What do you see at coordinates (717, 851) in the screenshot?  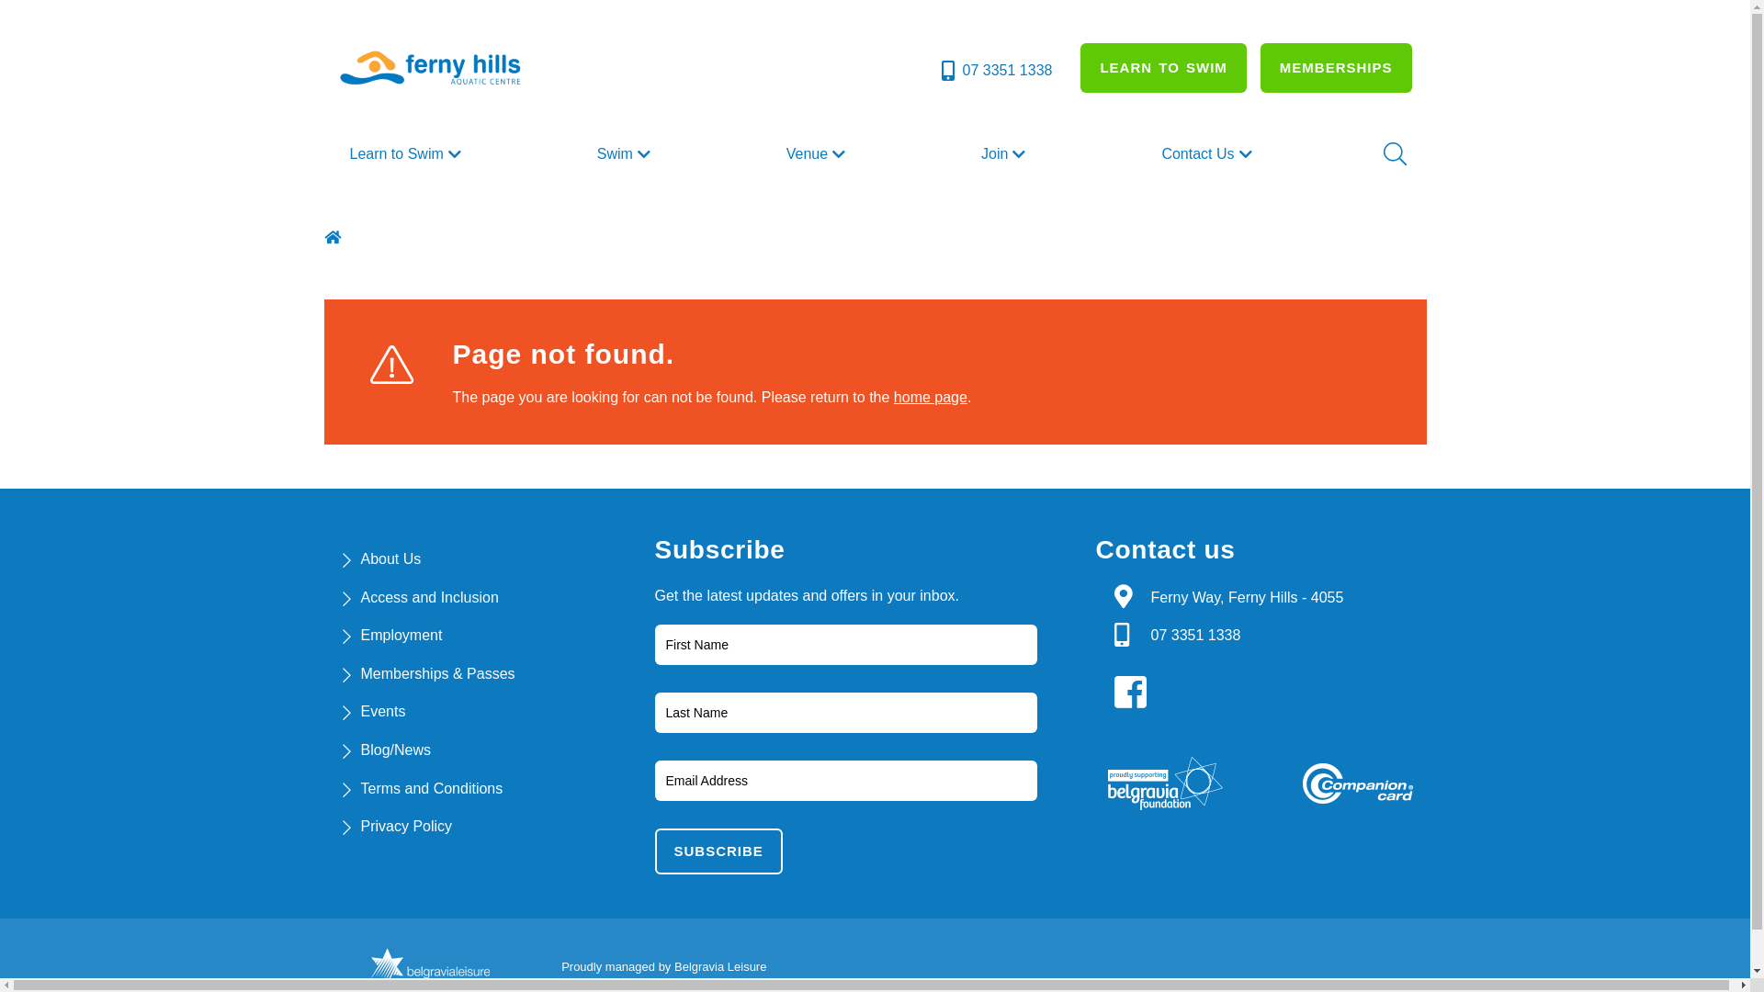 I see `'subscribe'` at bounding box center [717, 851].